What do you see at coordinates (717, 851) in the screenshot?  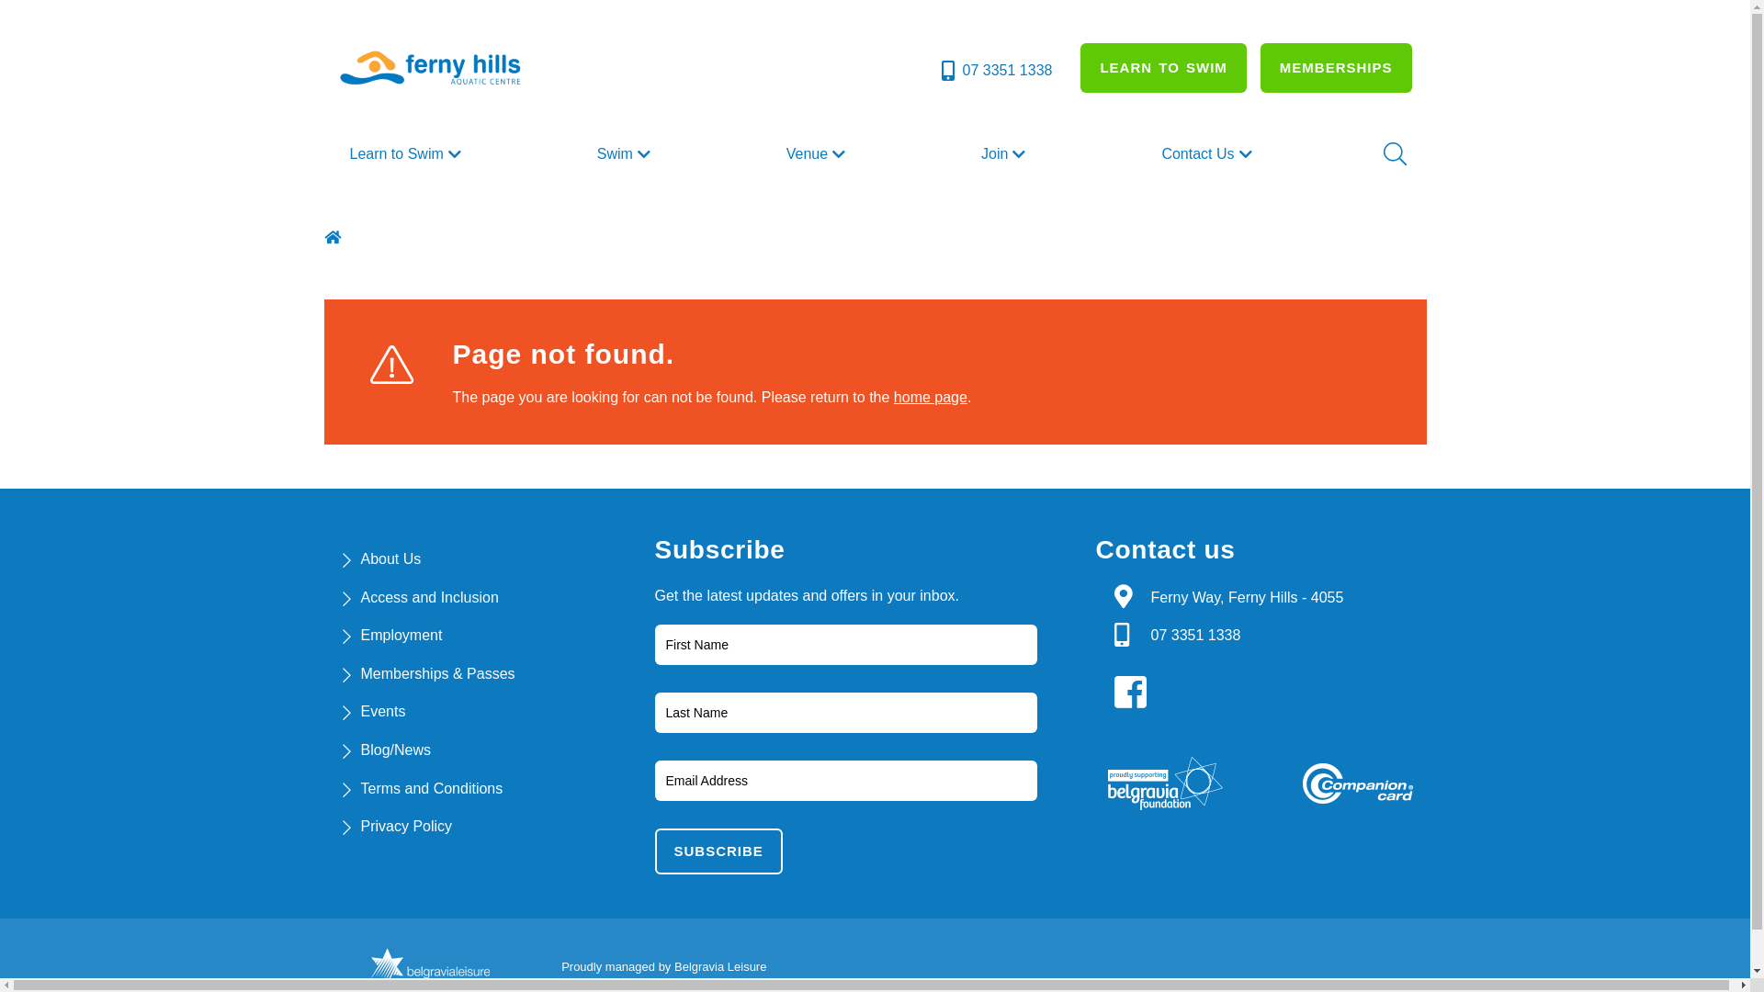 I see `'subscribe'` at bounding box center [717, 851].